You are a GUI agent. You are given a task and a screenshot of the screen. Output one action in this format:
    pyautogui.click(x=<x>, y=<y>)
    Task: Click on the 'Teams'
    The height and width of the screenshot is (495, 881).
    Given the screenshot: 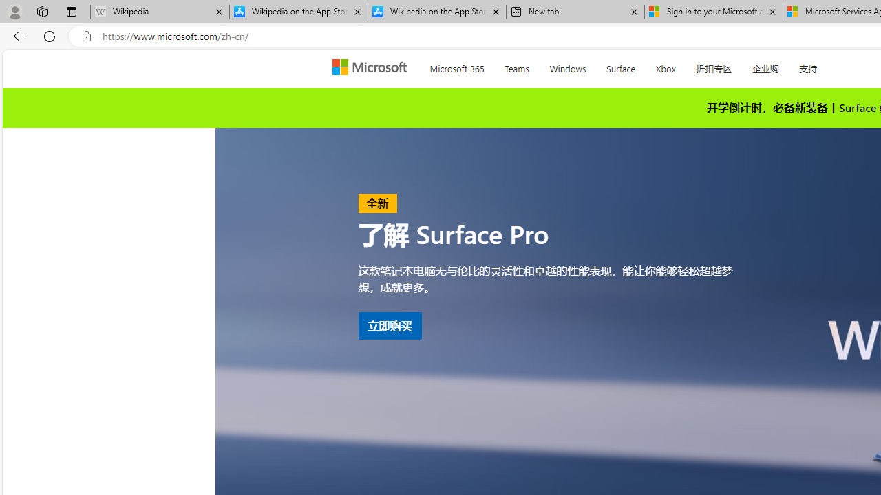 What is the action you would take?
    pyautogui.click(x=516, y=66)
    